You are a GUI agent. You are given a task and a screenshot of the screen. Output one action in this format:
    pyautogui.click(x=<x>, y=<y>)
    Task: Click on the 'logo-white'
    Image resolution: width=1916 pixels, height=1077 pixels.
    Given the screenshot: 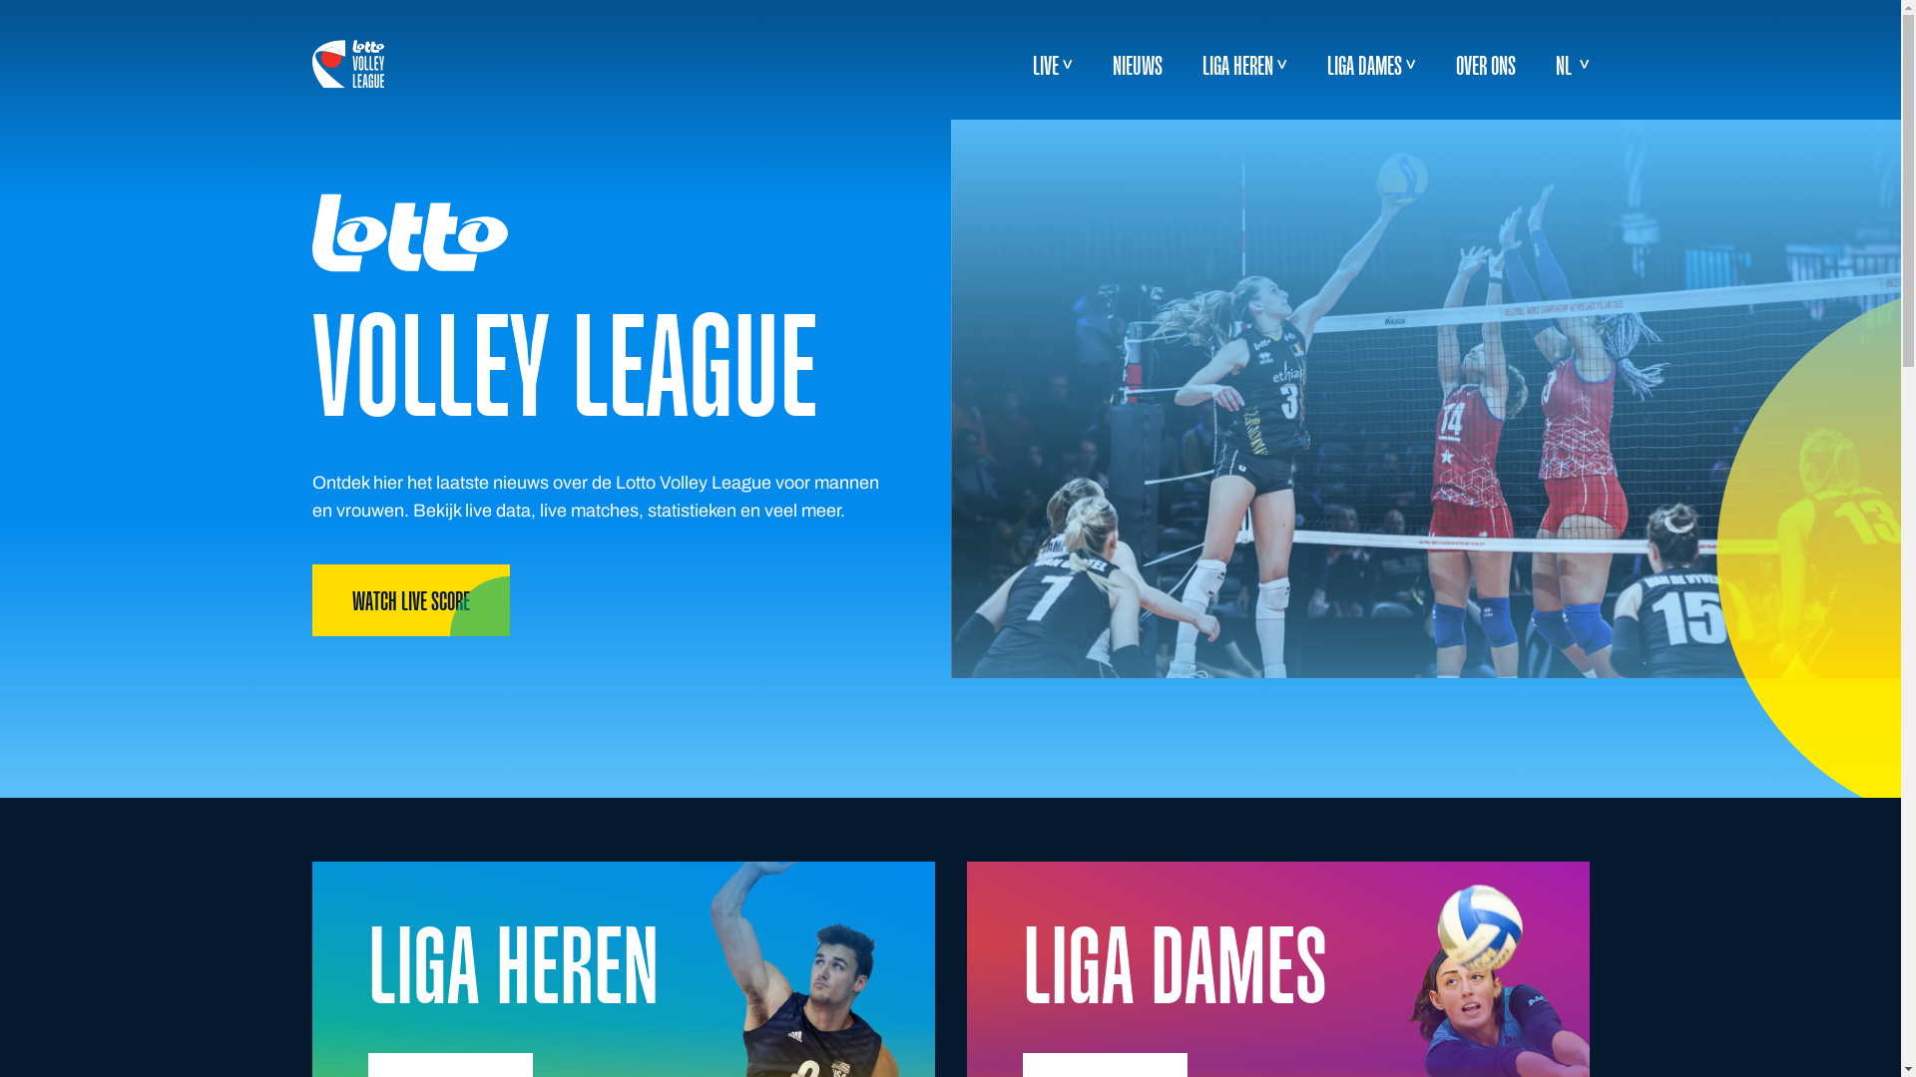 What is the action you would take?
    pyautogui.click(x=347, y=63)
    